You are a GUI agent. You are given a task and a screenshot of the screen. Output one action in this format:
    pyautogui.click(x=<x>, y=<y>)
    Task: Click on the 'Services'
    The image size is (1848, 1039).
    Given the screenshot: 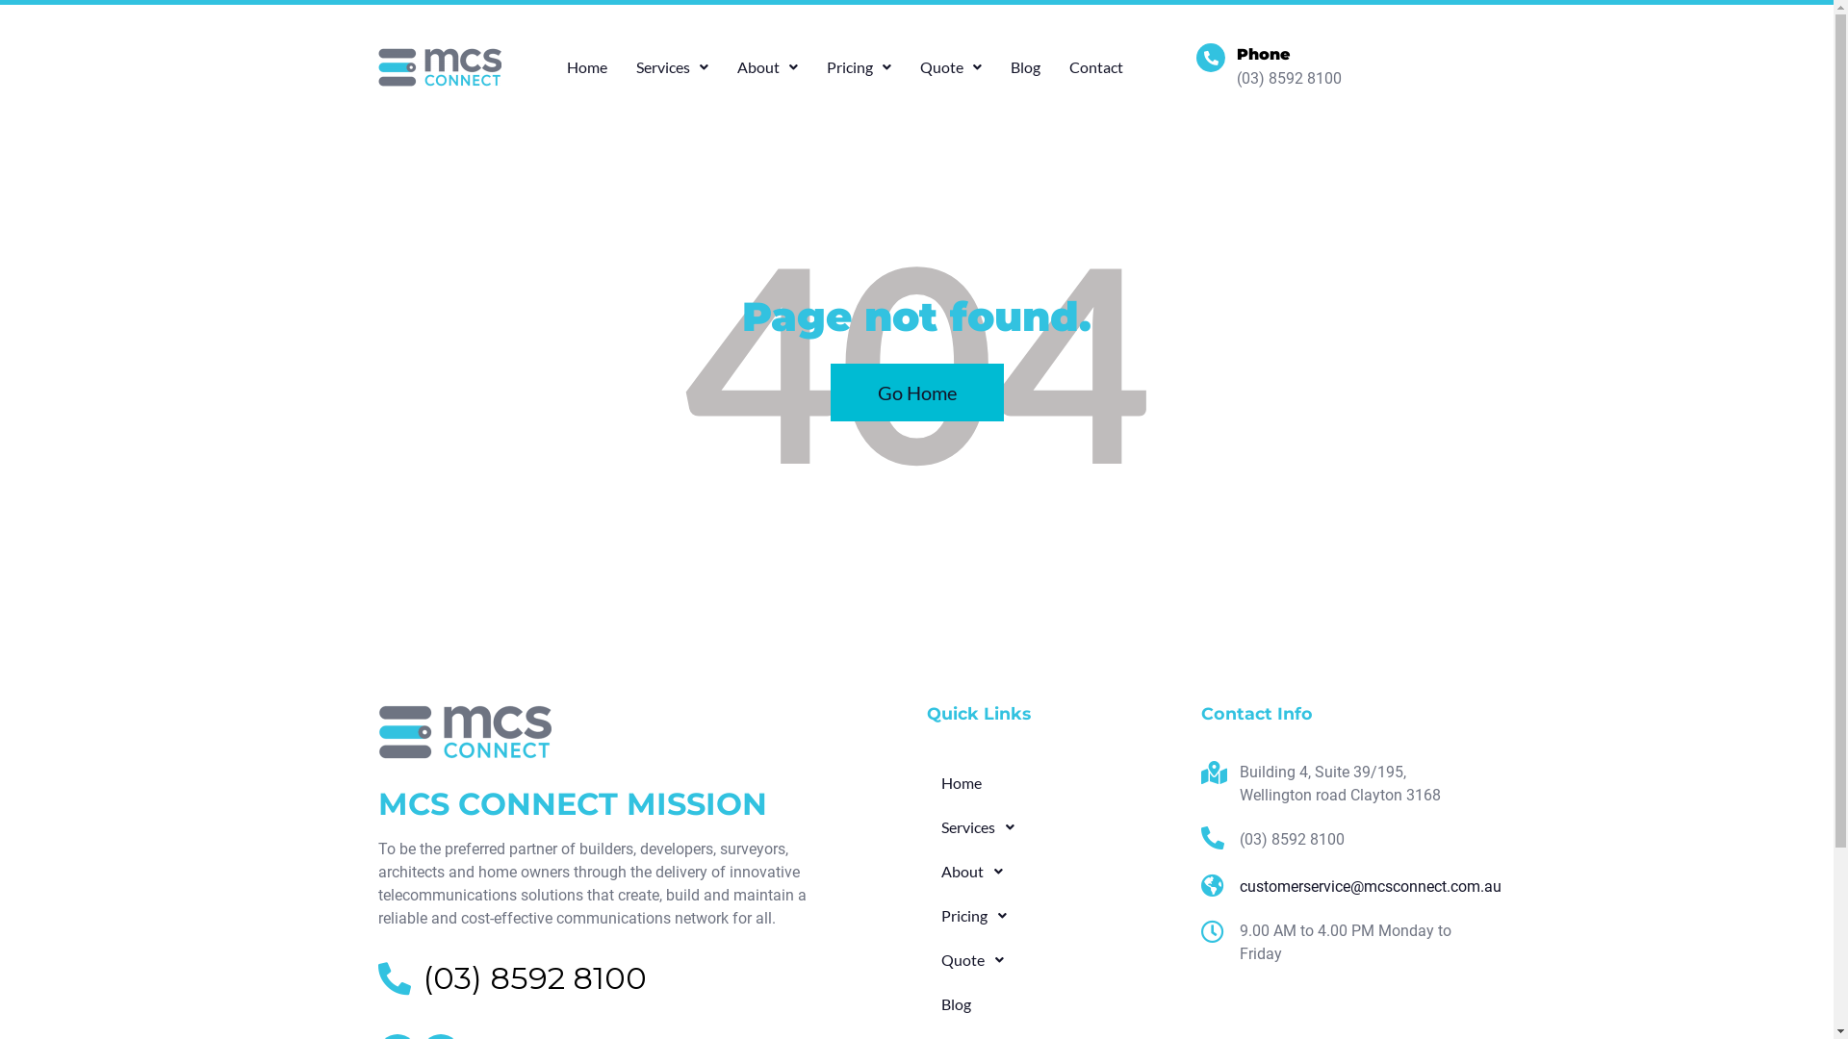 What is the action you would take?
    pyautogui.click(x=672, y=65)
    